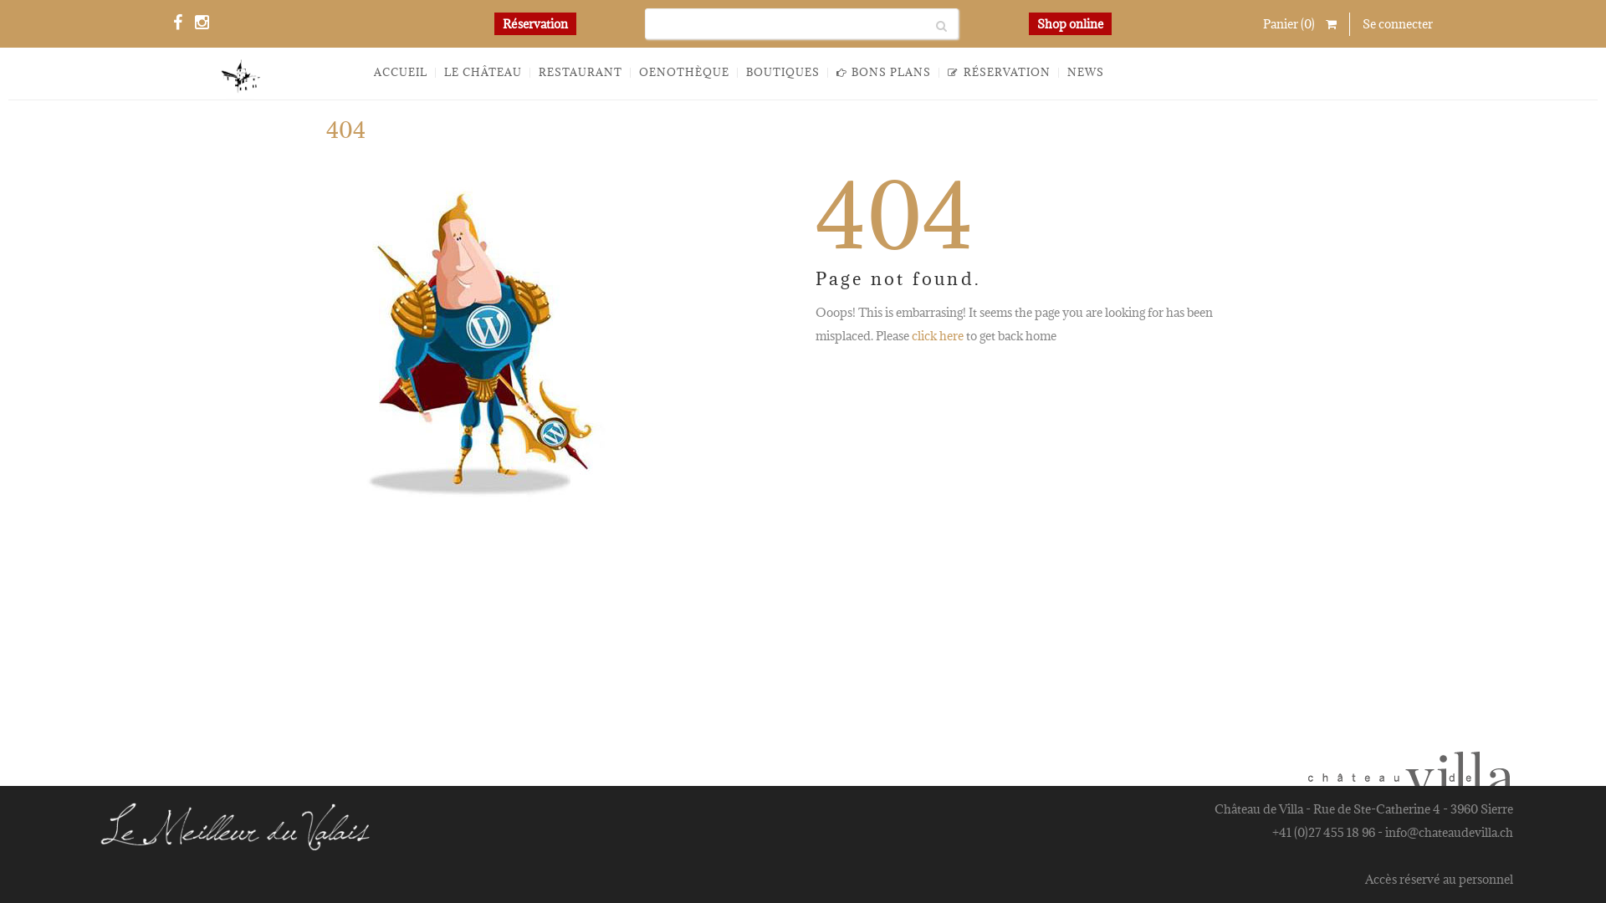 The width and height of the screenshot is (1606, 903). Describe the element at coordinates (1448, 832) in the screenshot. I see `'info@chateaudevilla.ch'` at that location.